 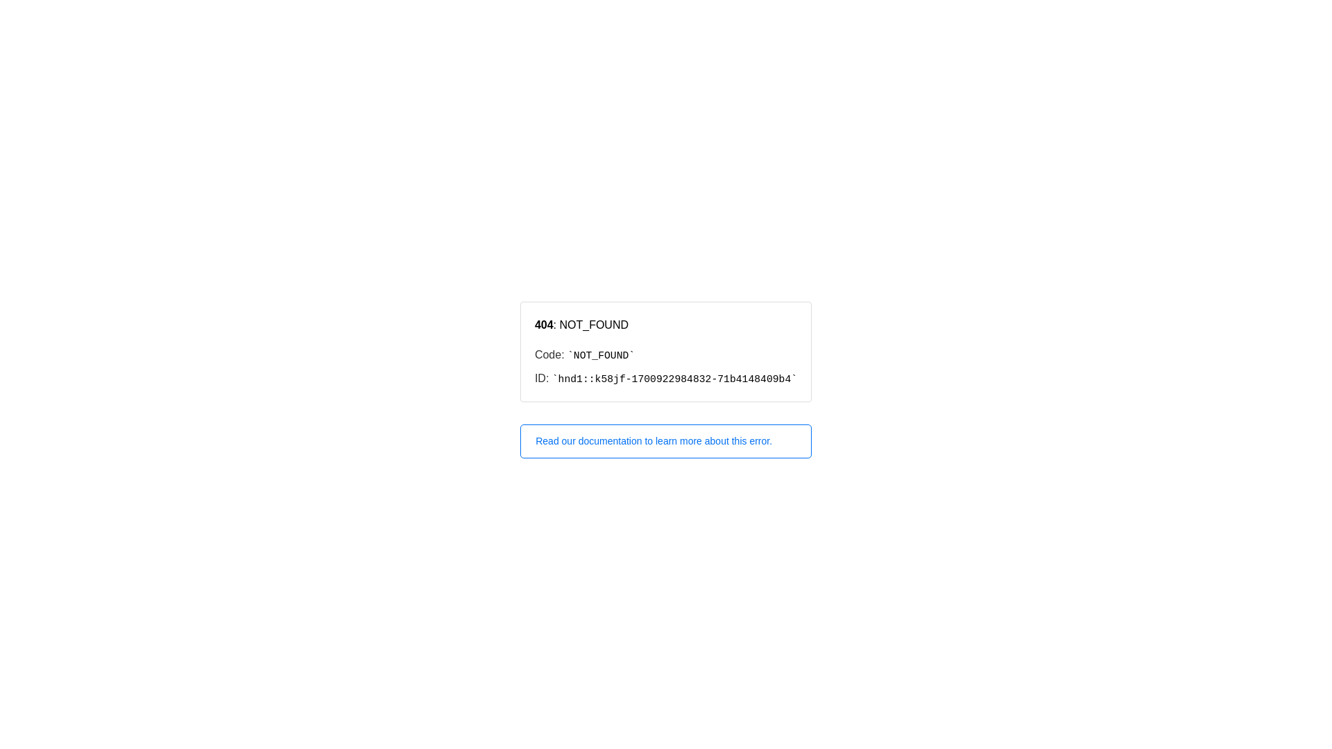 I want to click on 'Read our documentation to learn more about this error.', so click(x=666, y=441).